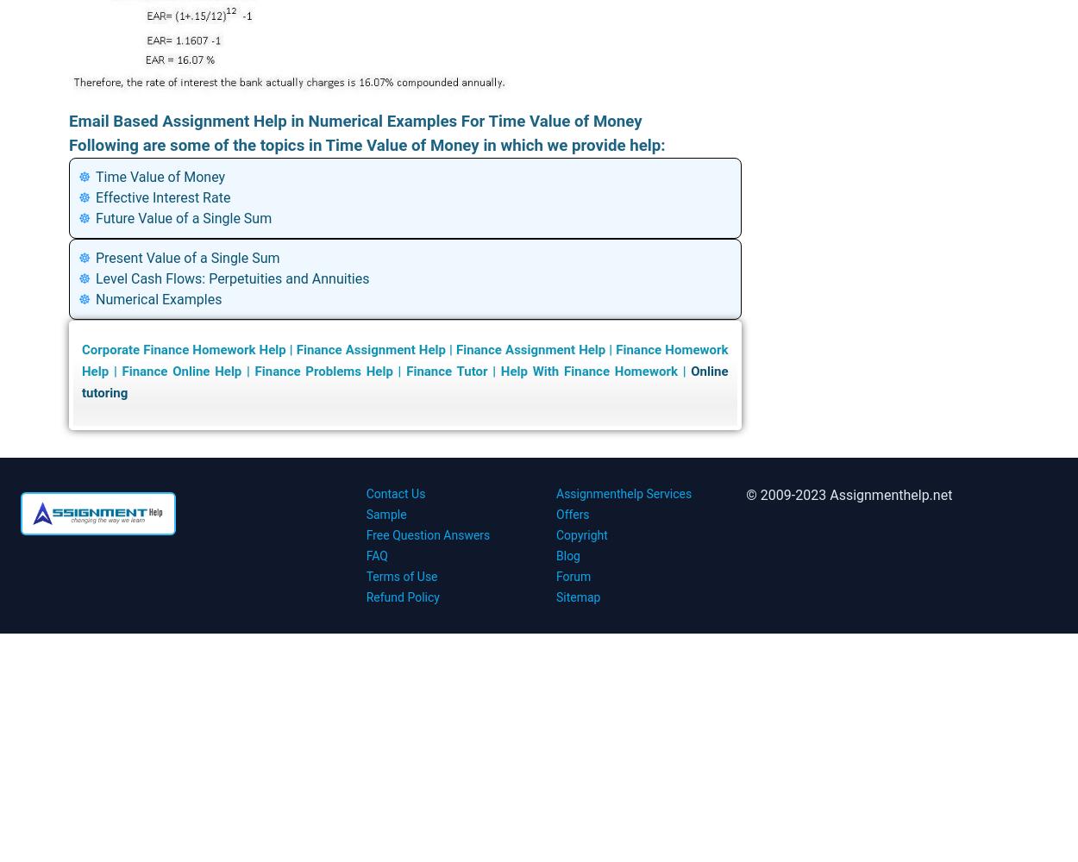 Image resolution: width=1078 pixels, height=862 pixels. Describe the element at coordinates (95, 297) in the screenshot. I see `'Numerical Examples'` at that location.